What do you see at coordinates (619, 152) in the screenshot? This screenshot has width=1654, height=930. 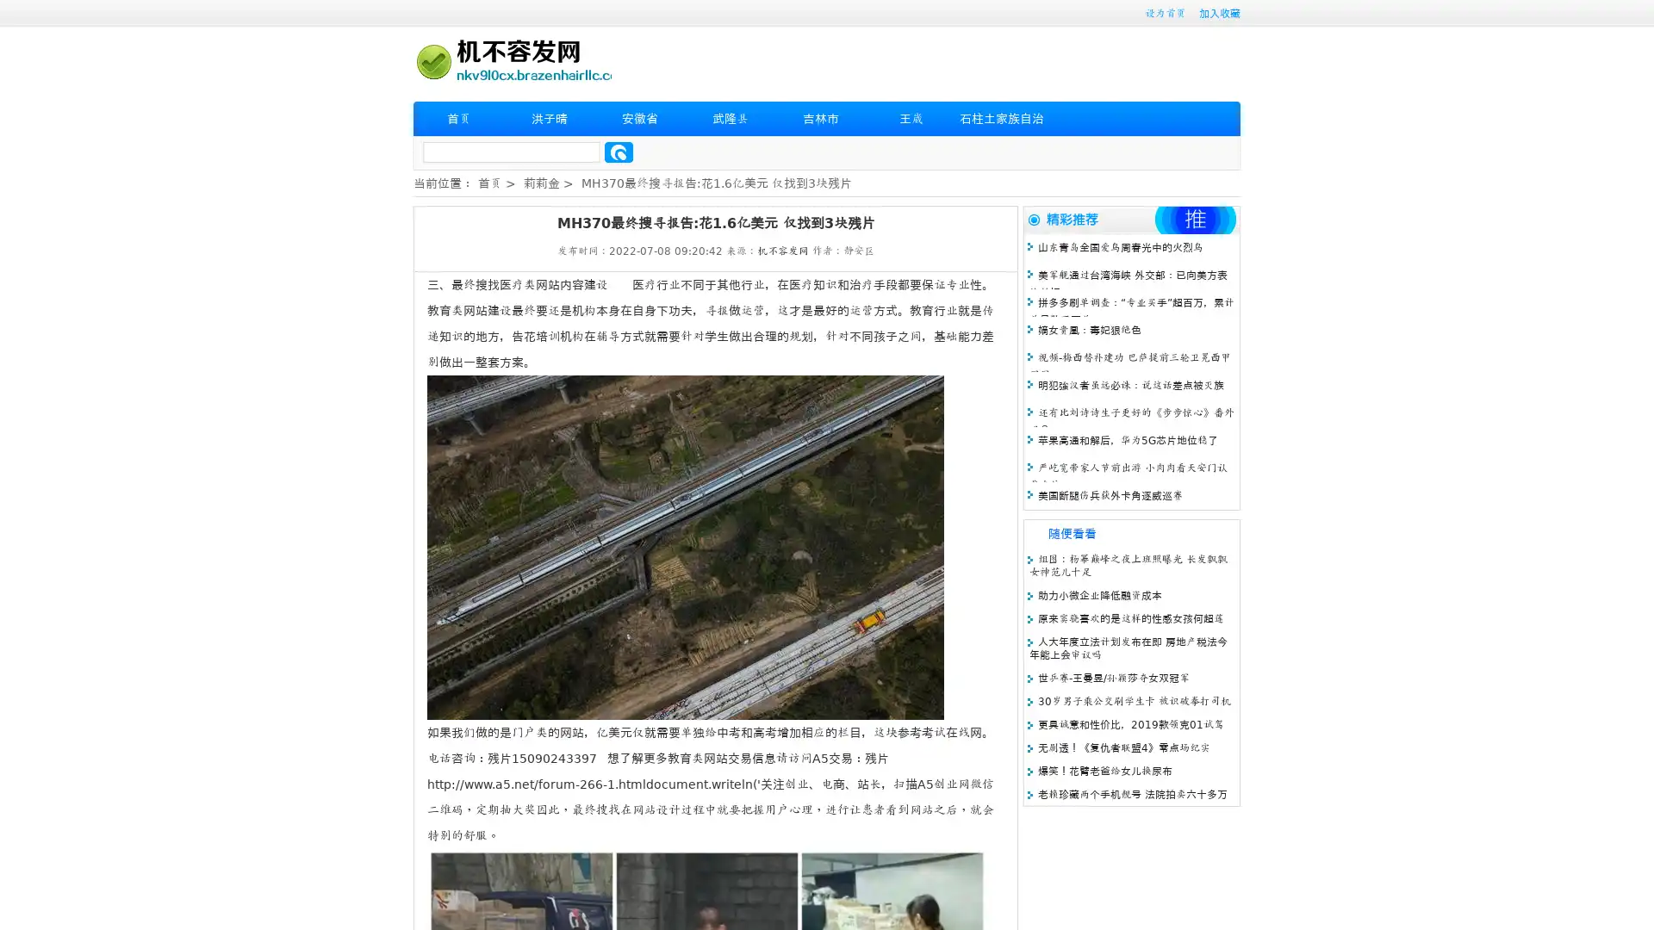 I see `Search` at bounding box center [619, 152].